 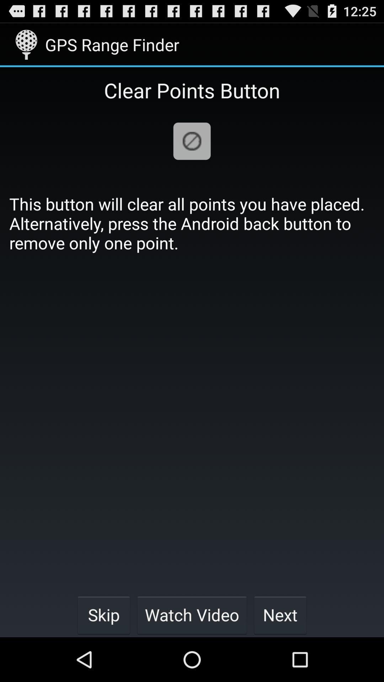 What do you see at coordinates (192, 615) in the screenshot?
I see `item to the right of the skip button` at bounding box center [192, 615].